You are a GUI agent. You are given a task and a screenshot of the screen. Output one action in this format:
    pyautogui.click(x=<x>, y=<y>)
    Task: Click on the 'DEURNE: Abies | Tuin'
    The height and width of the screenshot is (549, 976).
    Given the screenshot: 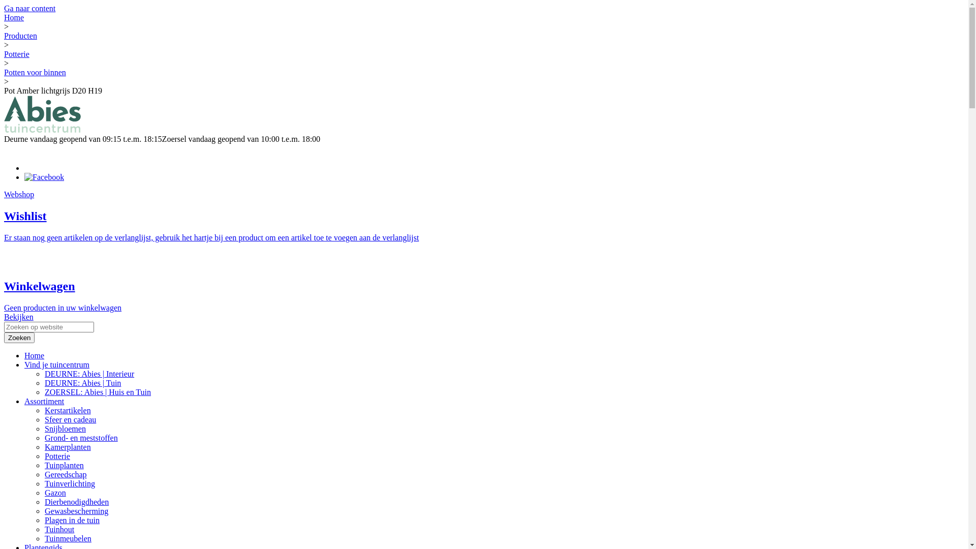 What is the action you would take?
    pyautogui.click(x=83, y=383)
    